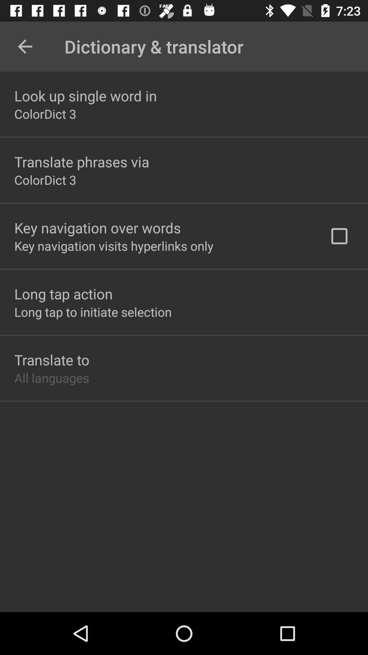 The width and height of the screenshot is (368, 655). Describe the element at coordinates (51, 359) in the screenshot. I see `icon above the all languages item` at that location.